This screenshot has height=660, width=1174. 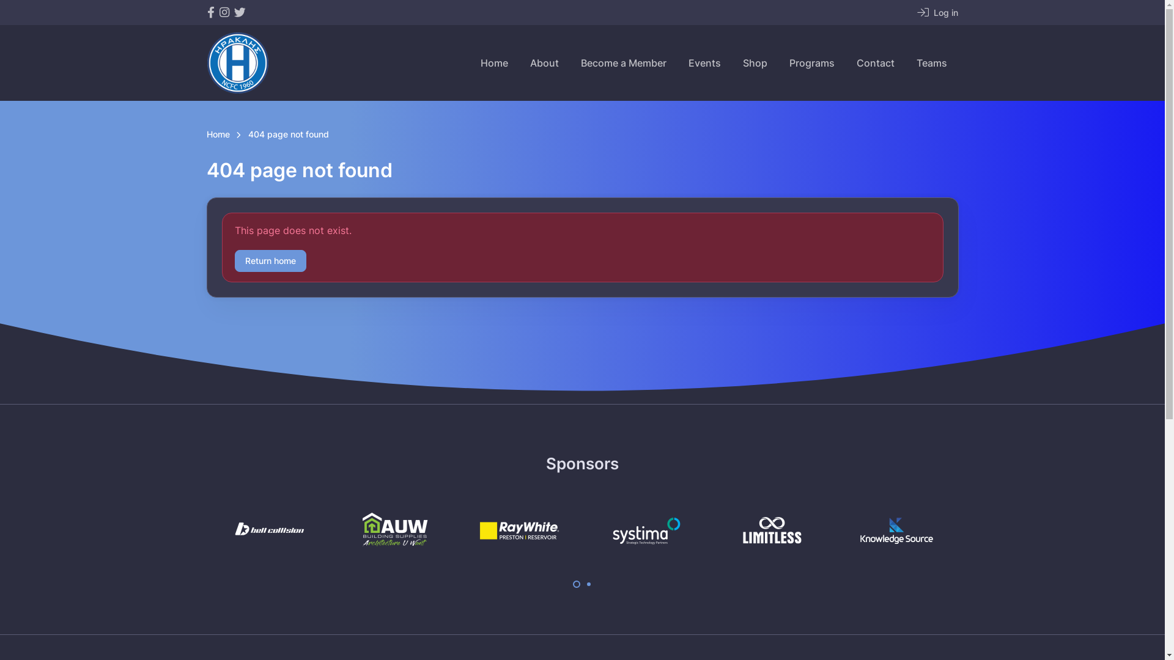 What do you see at coordinates (569, 63) in the screenshot?
I see `'Become a Member'` at bounding box center [569, 63].